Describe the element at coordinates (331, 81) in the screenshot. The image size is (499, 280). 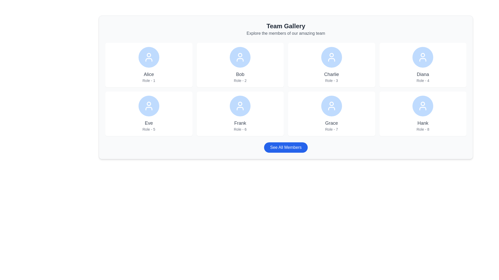
I see `the static label providing additional descriptive information below the text 'Charlie' in the card located in the top row, third column of the grid layout` at that location.